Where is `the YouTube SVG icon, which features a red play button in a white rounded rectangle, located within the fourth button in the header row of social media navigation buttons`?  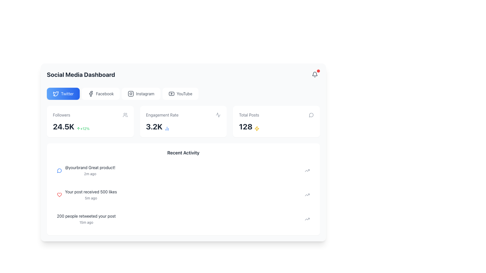 the YouTube SVG icon, which features a red play button in a white rounded rectangle, located within the fourth button in the header row of social media navigation buttons is located at coordinates (171, 94).